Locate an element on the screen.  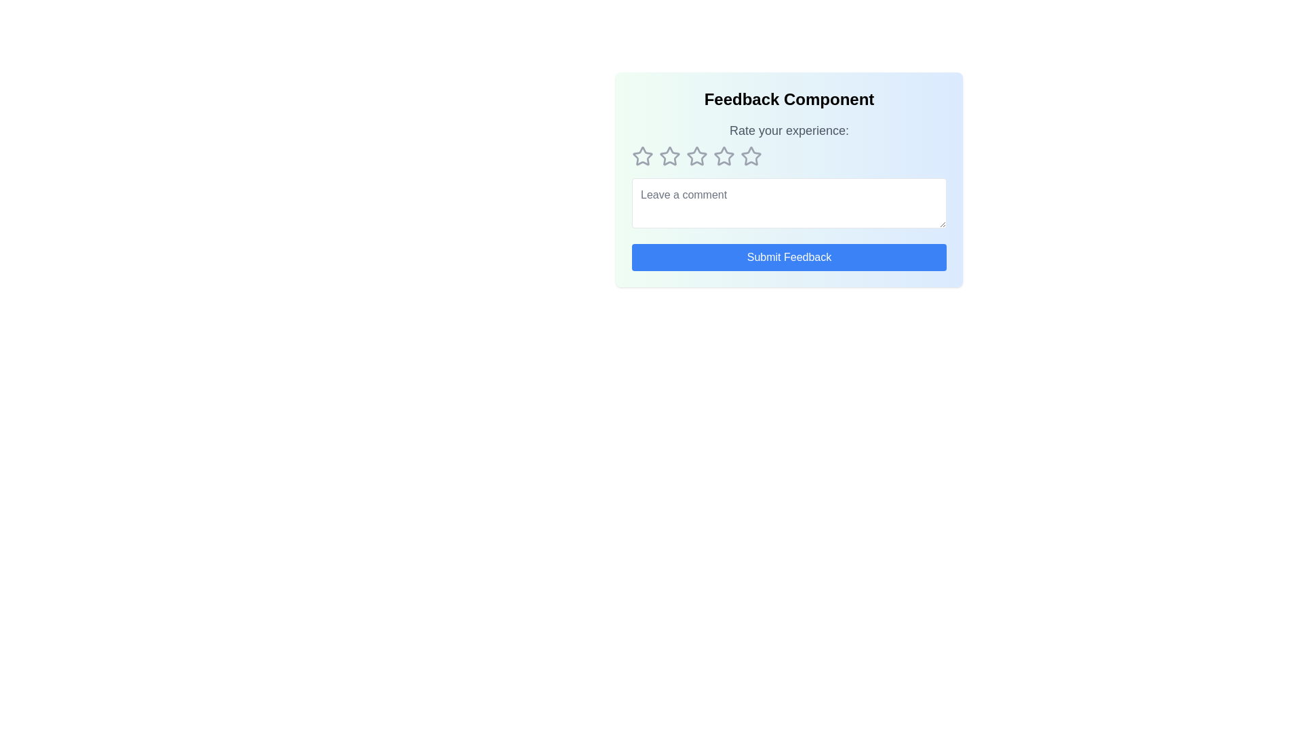
the fourth star icon in the rating row below the 'Rate your experience' label is located at coordinates (751, 155).